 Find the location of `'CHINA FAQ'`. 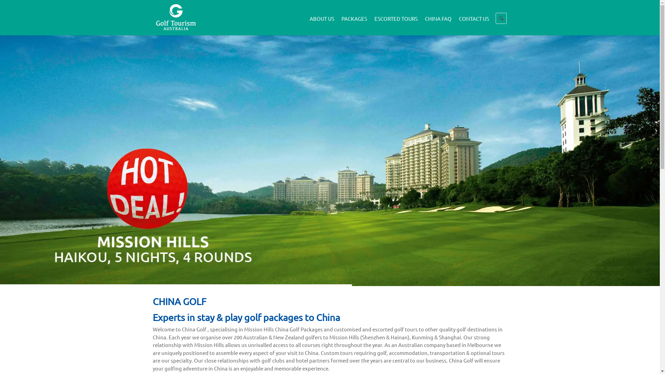

'CHINA FAQ' is located at coordinates (438, 15).